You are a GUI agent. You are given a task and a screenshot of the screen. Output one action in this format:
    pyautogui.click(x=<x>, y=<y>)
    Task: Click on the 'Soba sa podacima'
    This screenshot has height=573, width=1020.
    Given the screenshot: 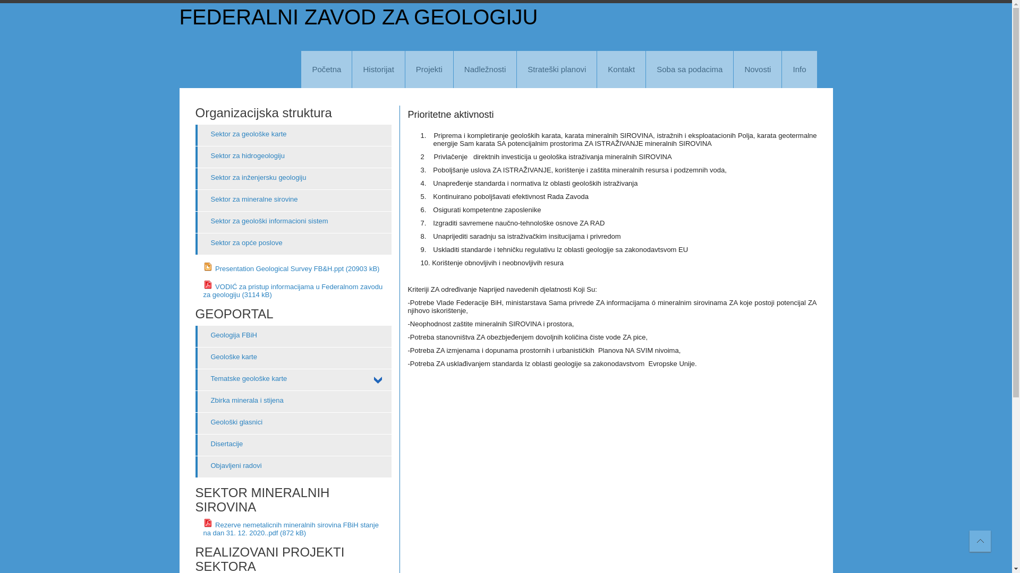 What is the action you would take?
    pyautogui.click(x=689, y=70)
    